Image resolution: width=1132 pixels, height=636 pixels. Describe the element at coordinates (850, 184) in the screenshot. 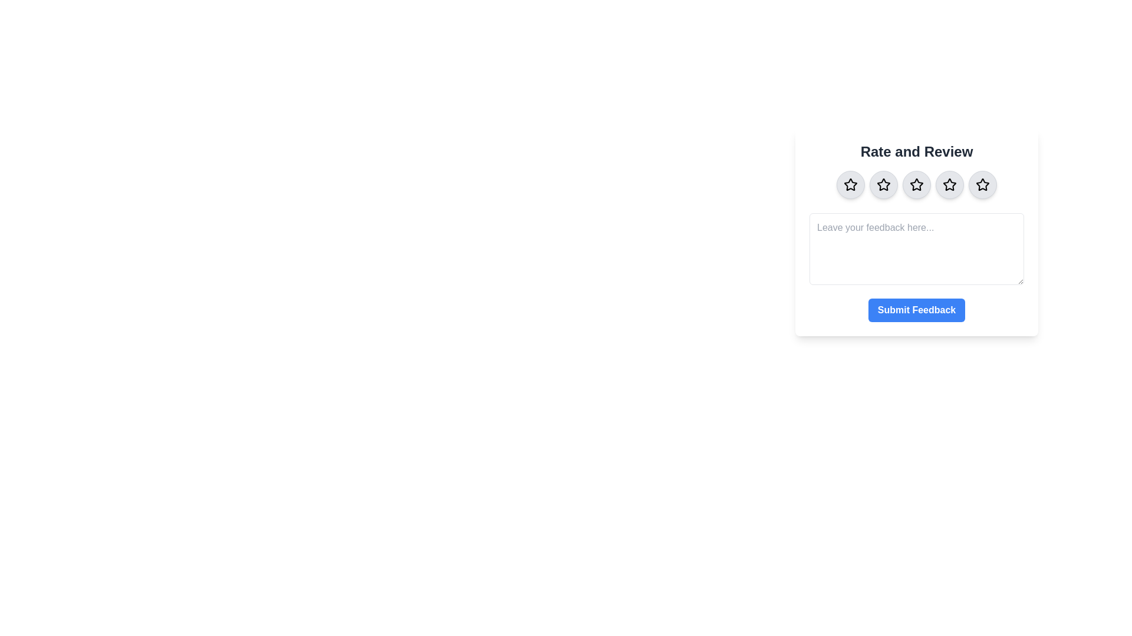

I see `the first star icon` at that location.